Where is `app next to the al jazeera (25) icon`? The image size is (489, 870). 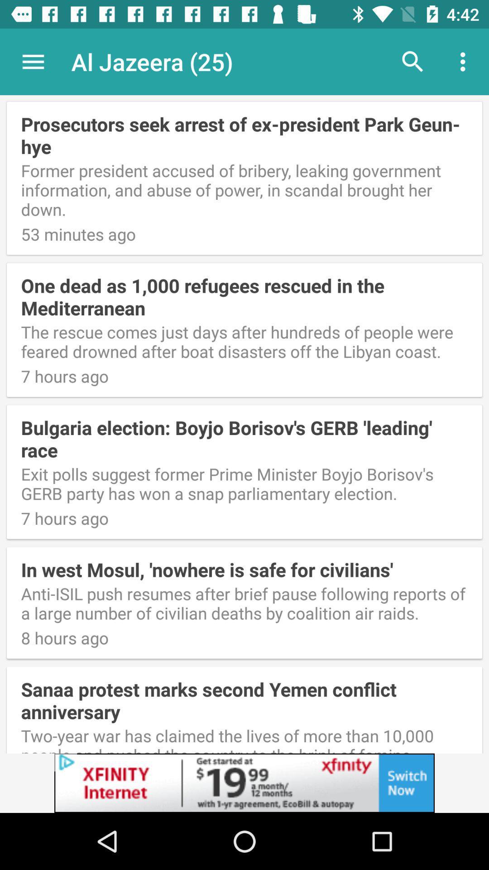
app next to the al jazeera (25) icon is located at coordinates (33, 61).